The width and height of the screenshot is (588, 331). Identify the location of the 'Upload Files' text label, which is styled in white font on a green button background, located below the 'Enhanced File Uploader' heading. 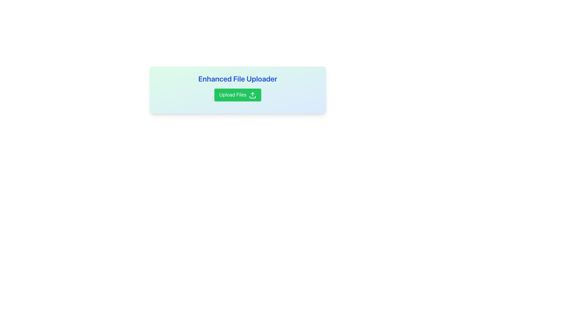
(232, 94).